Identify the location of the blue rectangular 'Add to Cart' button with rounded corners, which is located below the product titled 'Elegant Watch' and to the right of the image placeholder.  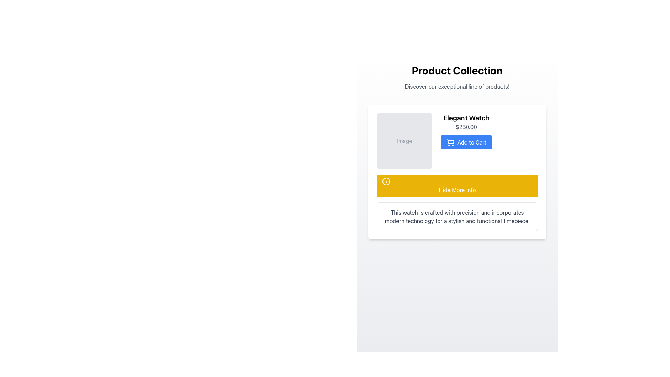
(466, 141).